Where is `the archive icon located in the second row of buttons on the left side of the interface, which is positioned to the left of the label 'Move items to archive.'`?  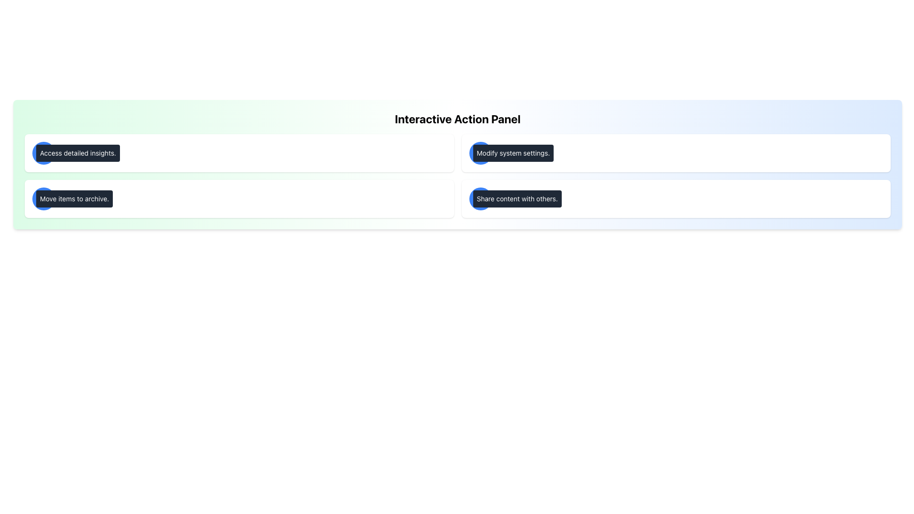
the archive icon located in the second row of buttons on the left side of the interface, which is positioned to the left of the label 'Move items to archive.' is located at coordinates (43, 198).